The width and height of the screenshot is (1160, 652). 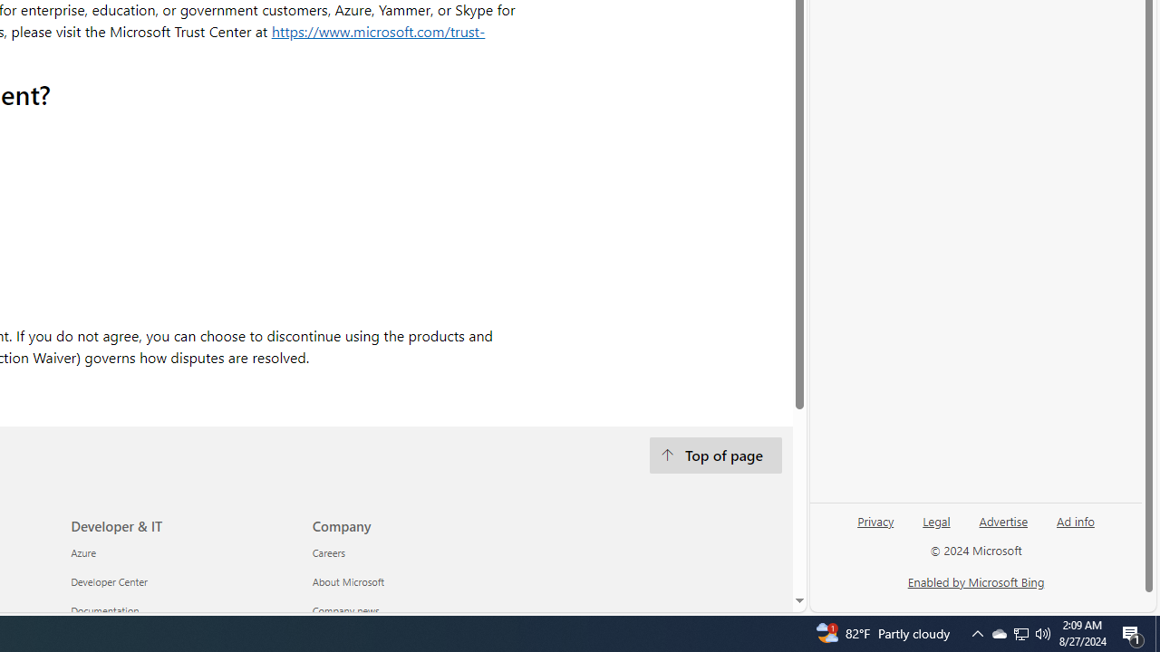 What do you see at coordinates (82, 552) in the screenshot?
I see `'Azure Developer & IT'` at bounding box center [82, 552].